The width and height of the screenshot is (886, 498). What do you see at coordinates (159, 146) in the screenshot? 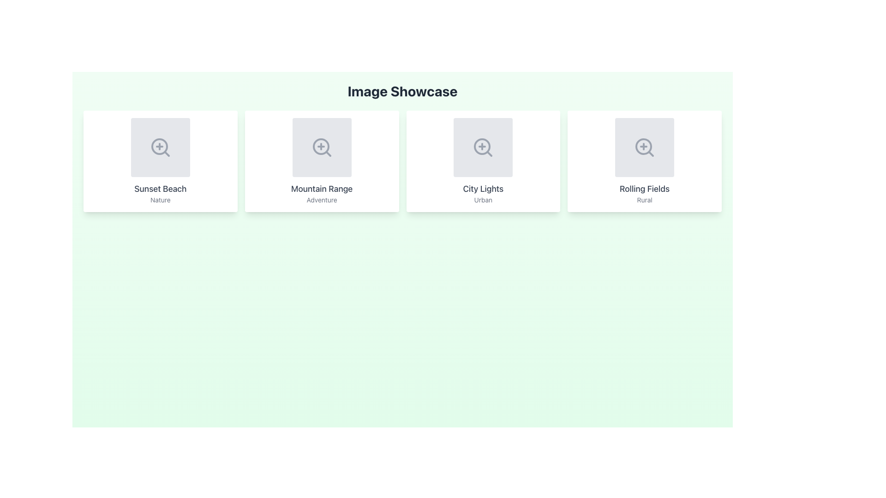
I see `the circular graphical component of the zoom icon that is part of the '+' sign integrated into the magnifier icon, located above the text 'Sunset Beach' and its subtitle 'Nature'` at bounding box center [159, 146].